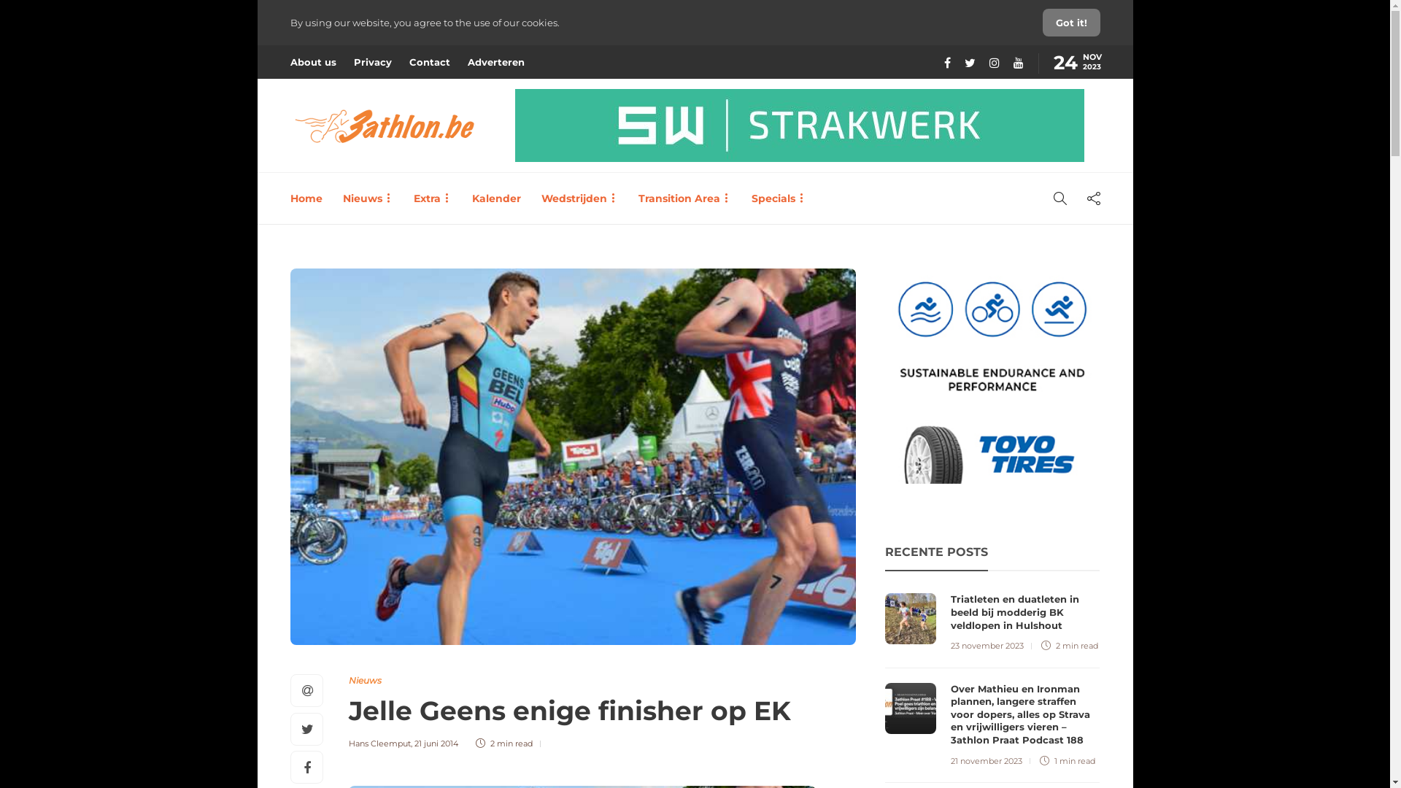 The width and height of the screenshot is (1401, 788). Describe the element at coordinates (428, 61) in the screenshot. I see `'Contact'` at that location.